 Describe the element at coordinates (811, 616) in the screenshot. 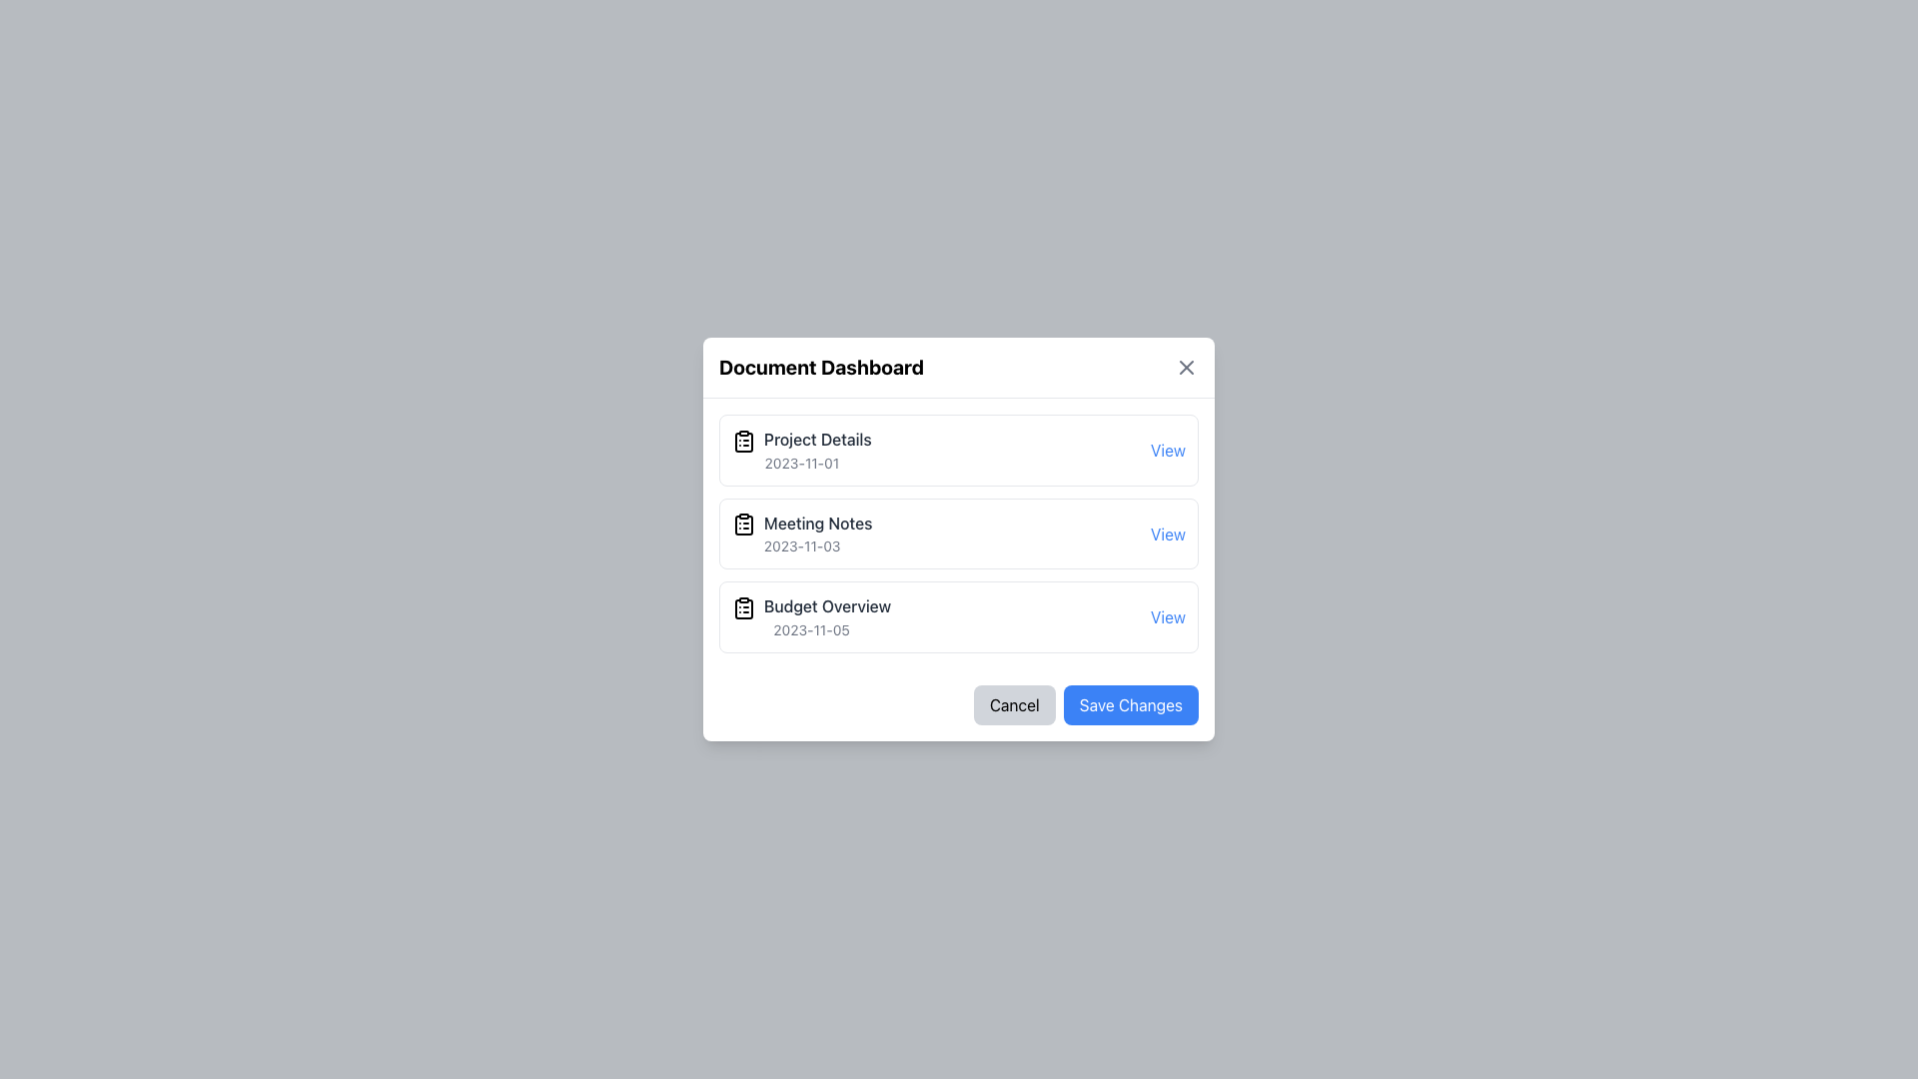

I see `the 'Budget Overview' label with clipboard icon located in the 'Document Dashboard' modal, positioned between 'Meeting Notes' and 'Save Changes'` at that location.